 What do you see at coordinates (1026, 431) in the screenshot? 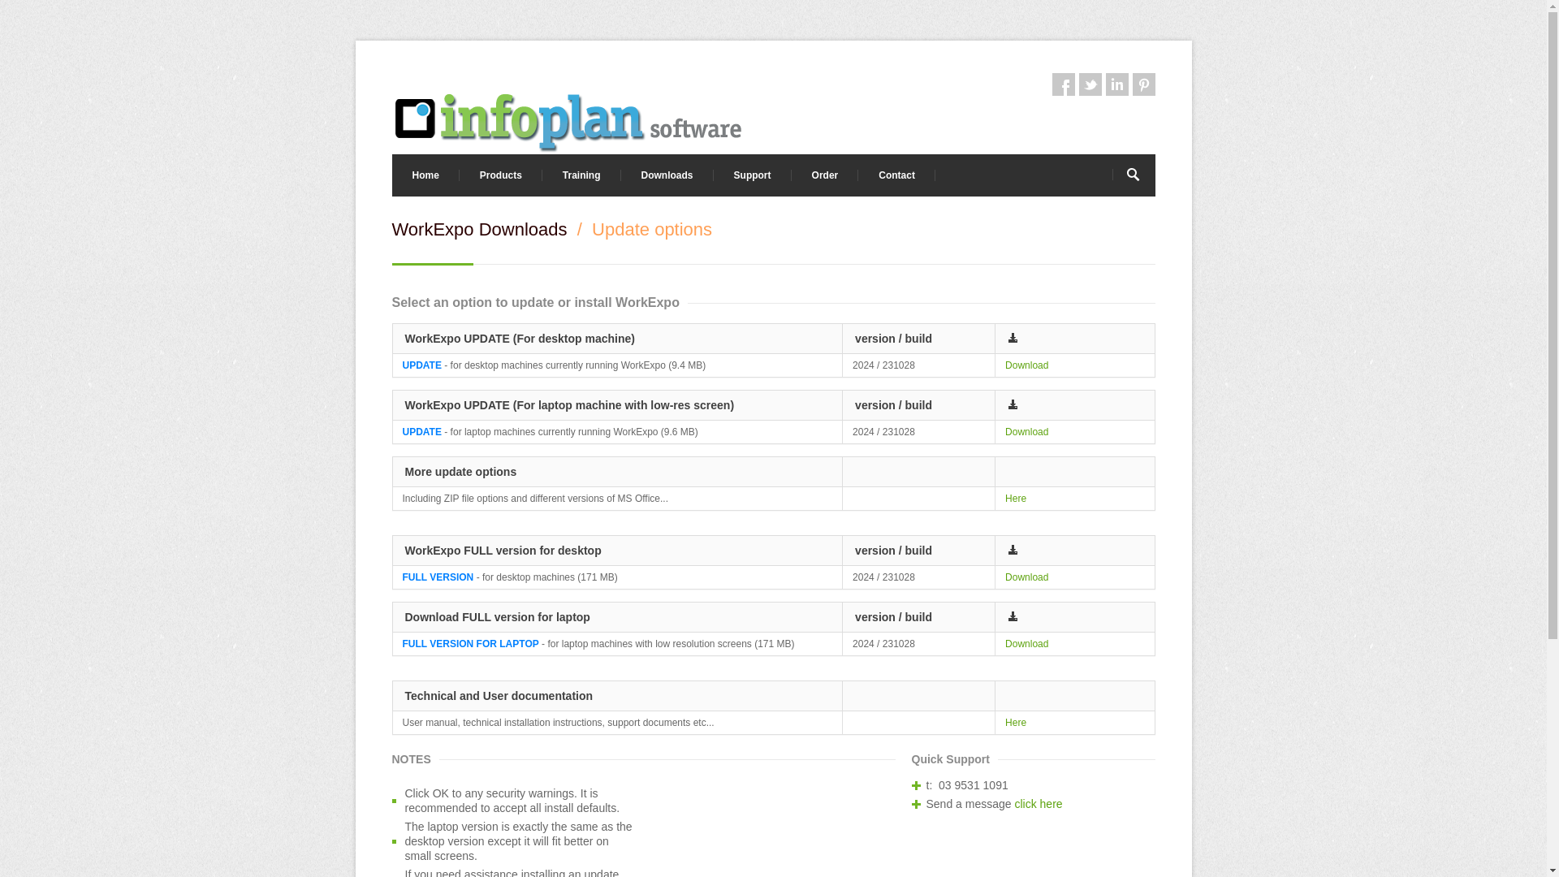
I see `'Download'` at bounding box center [1026, 431].